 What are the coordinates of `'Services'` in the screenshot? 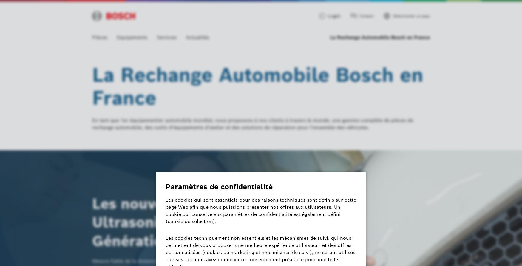 It's located at (166, 37).